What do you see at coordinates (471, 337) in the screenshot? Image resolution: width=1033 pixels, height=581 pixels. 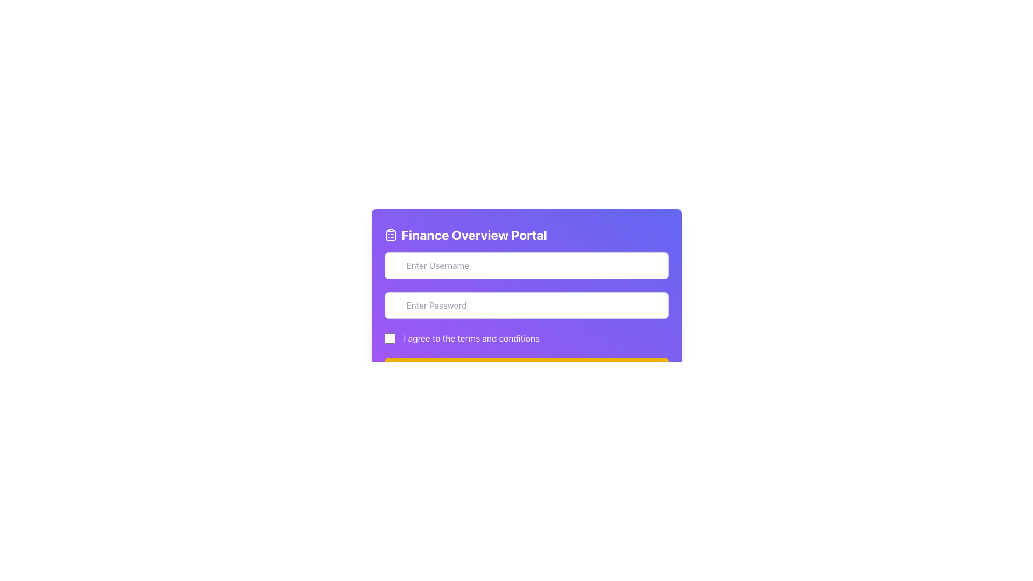 I see `the text label displaying 'I agree to the terms and conditions', which is styled with white font on a purple background and located below the input fields for username and password` at bounding box center [471, 337].